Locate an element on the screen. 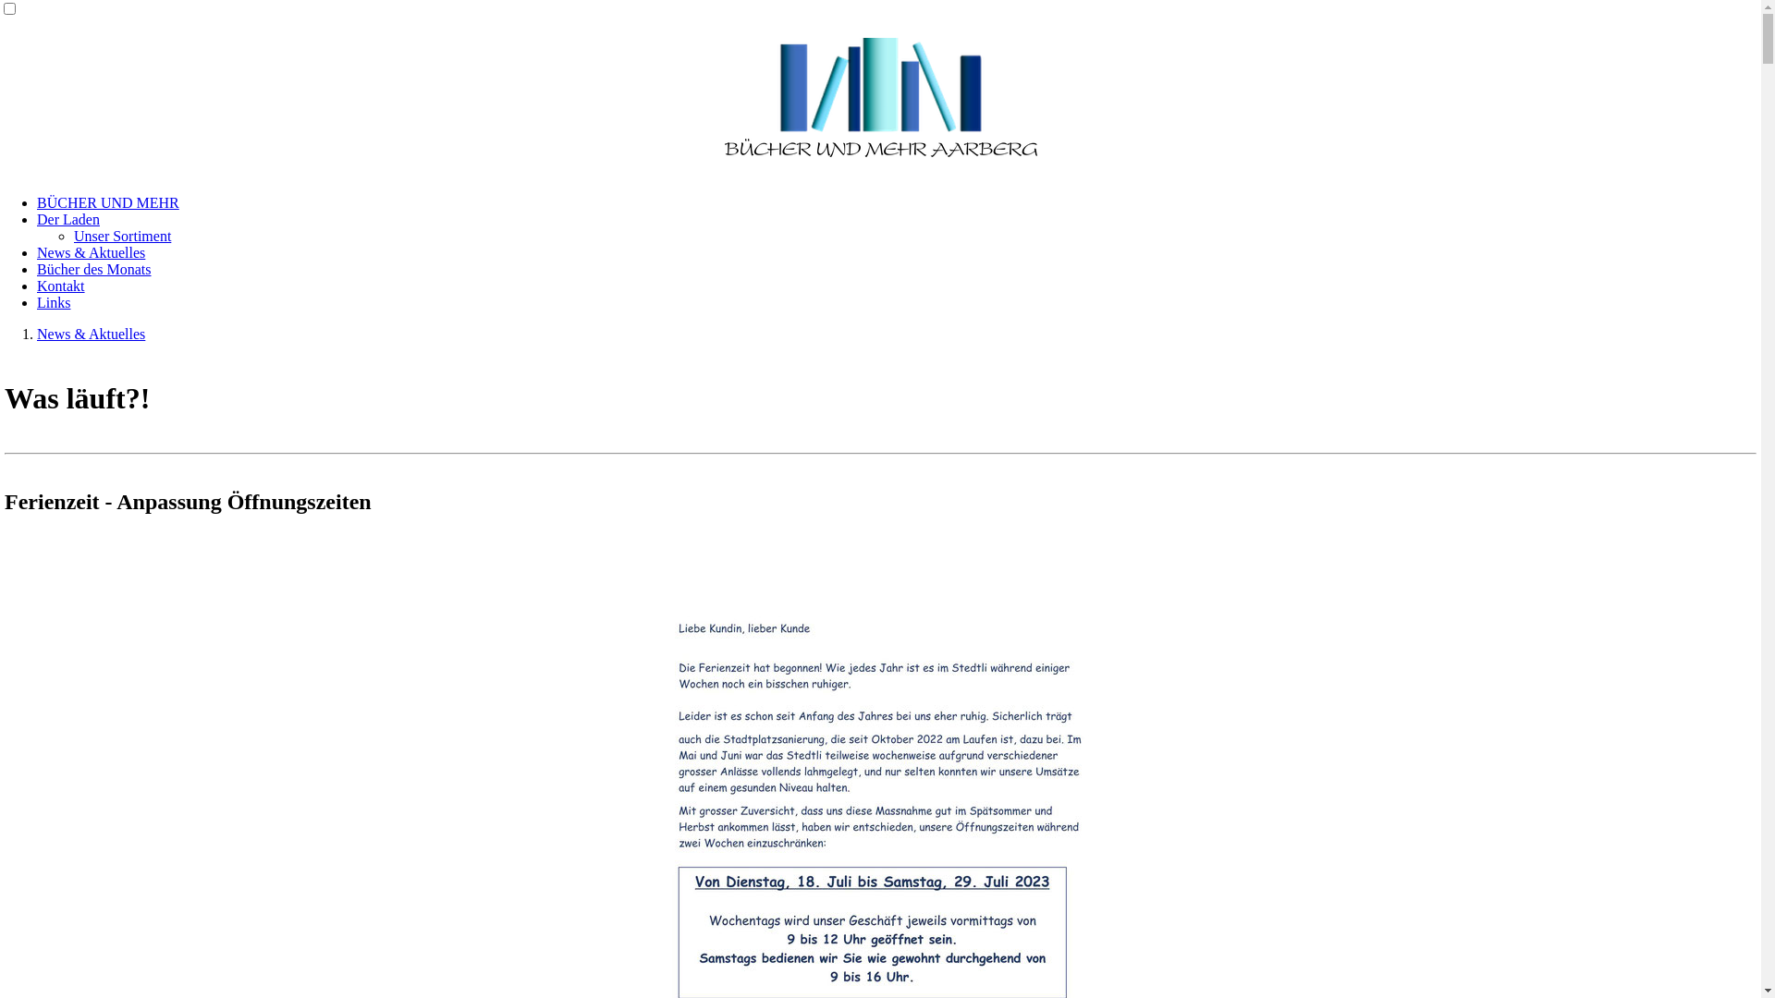 The image size is (1775, 998). 'Unser Sortiment' is located at coordinates (121, 235).